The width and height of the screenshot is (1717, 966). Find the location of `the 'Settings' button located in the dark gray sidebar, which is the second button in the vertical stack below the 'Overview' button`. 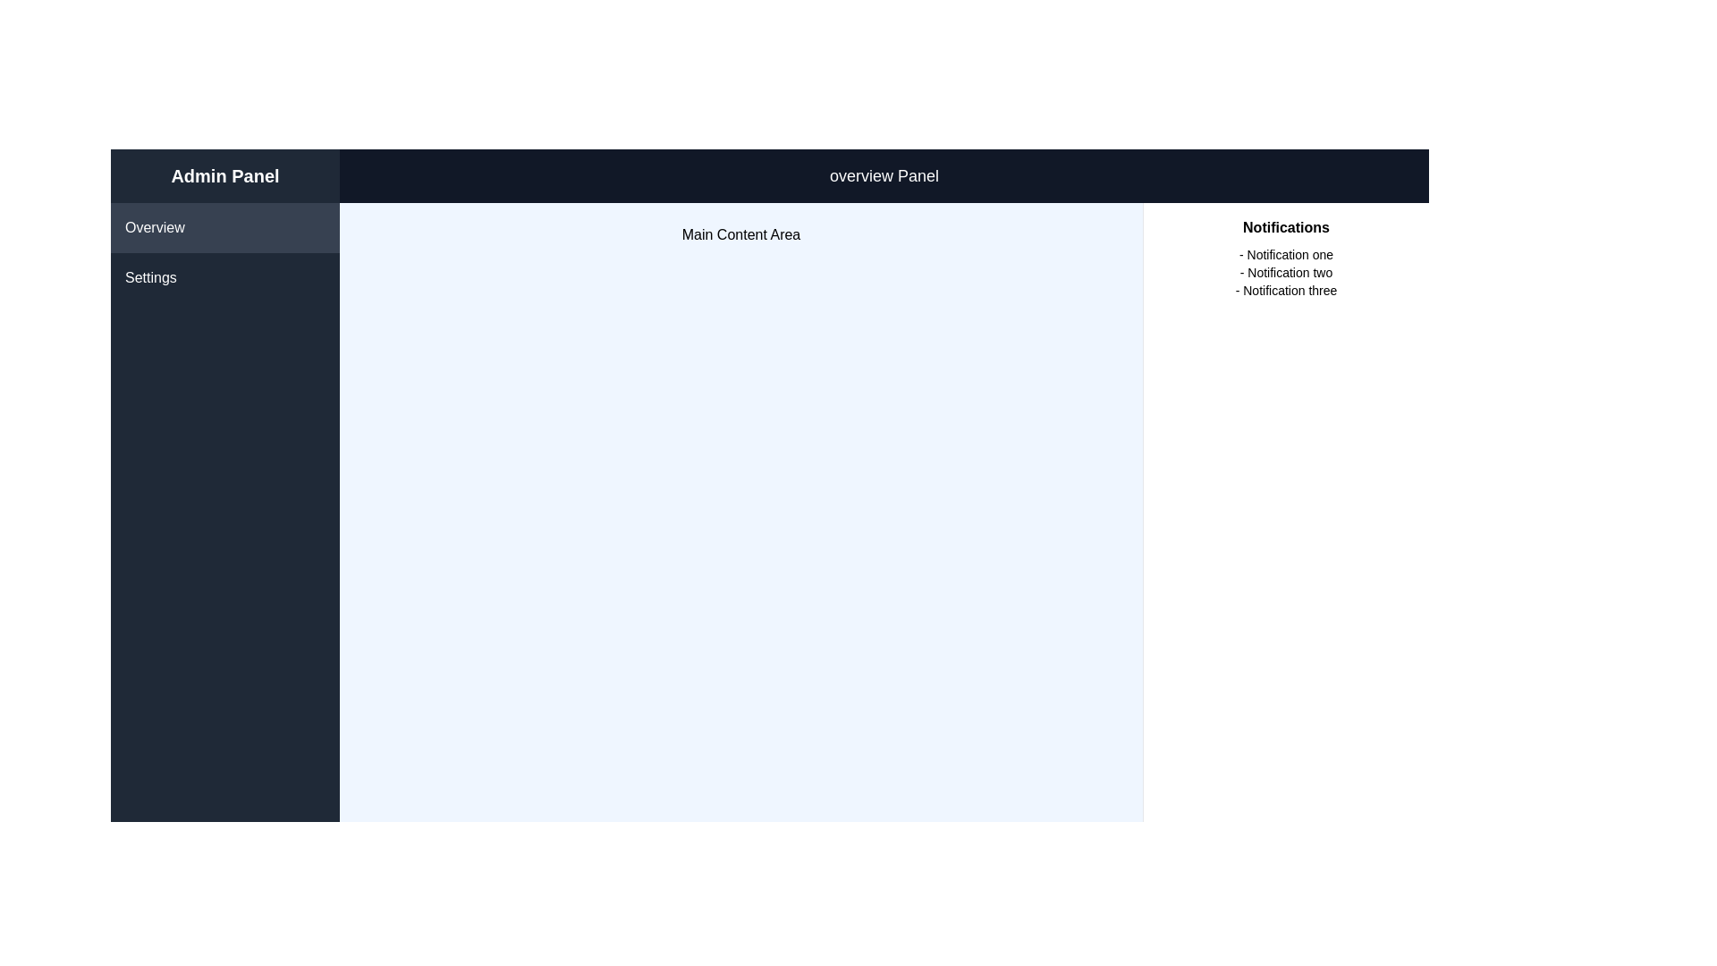

the 'Settings' button located in the dark gray sidebar, which is the second button in the vertical stack below the 'Overview' button is located at coordinates (224, 278).